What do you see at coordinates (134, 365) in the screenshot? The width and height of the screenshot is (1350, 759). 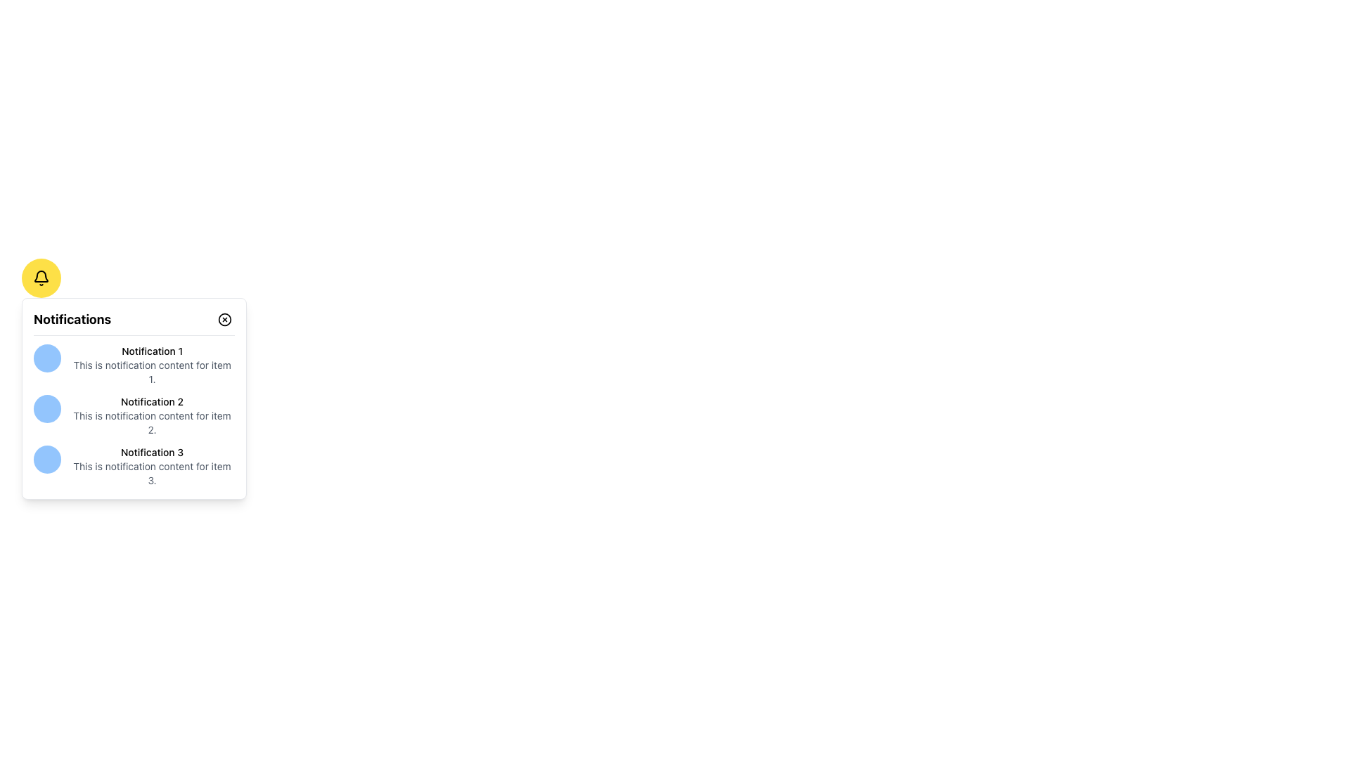 I see `the first notification item titled 'Notification 1'` at bounding box center [134, 365].